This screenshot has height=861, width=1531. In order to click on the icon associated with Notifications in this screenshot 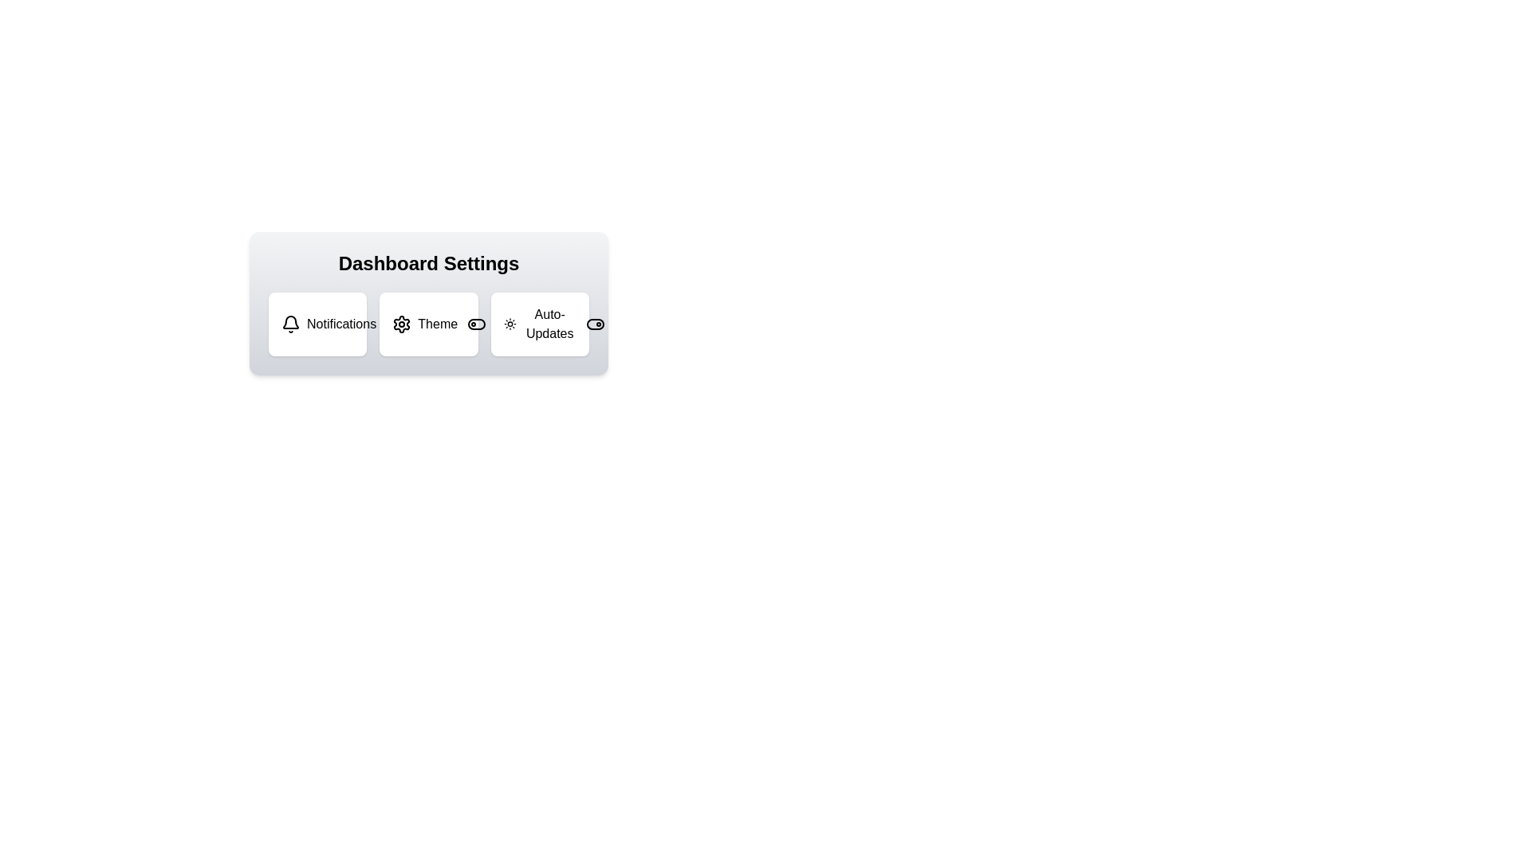, I will do `click(290, 324)`.